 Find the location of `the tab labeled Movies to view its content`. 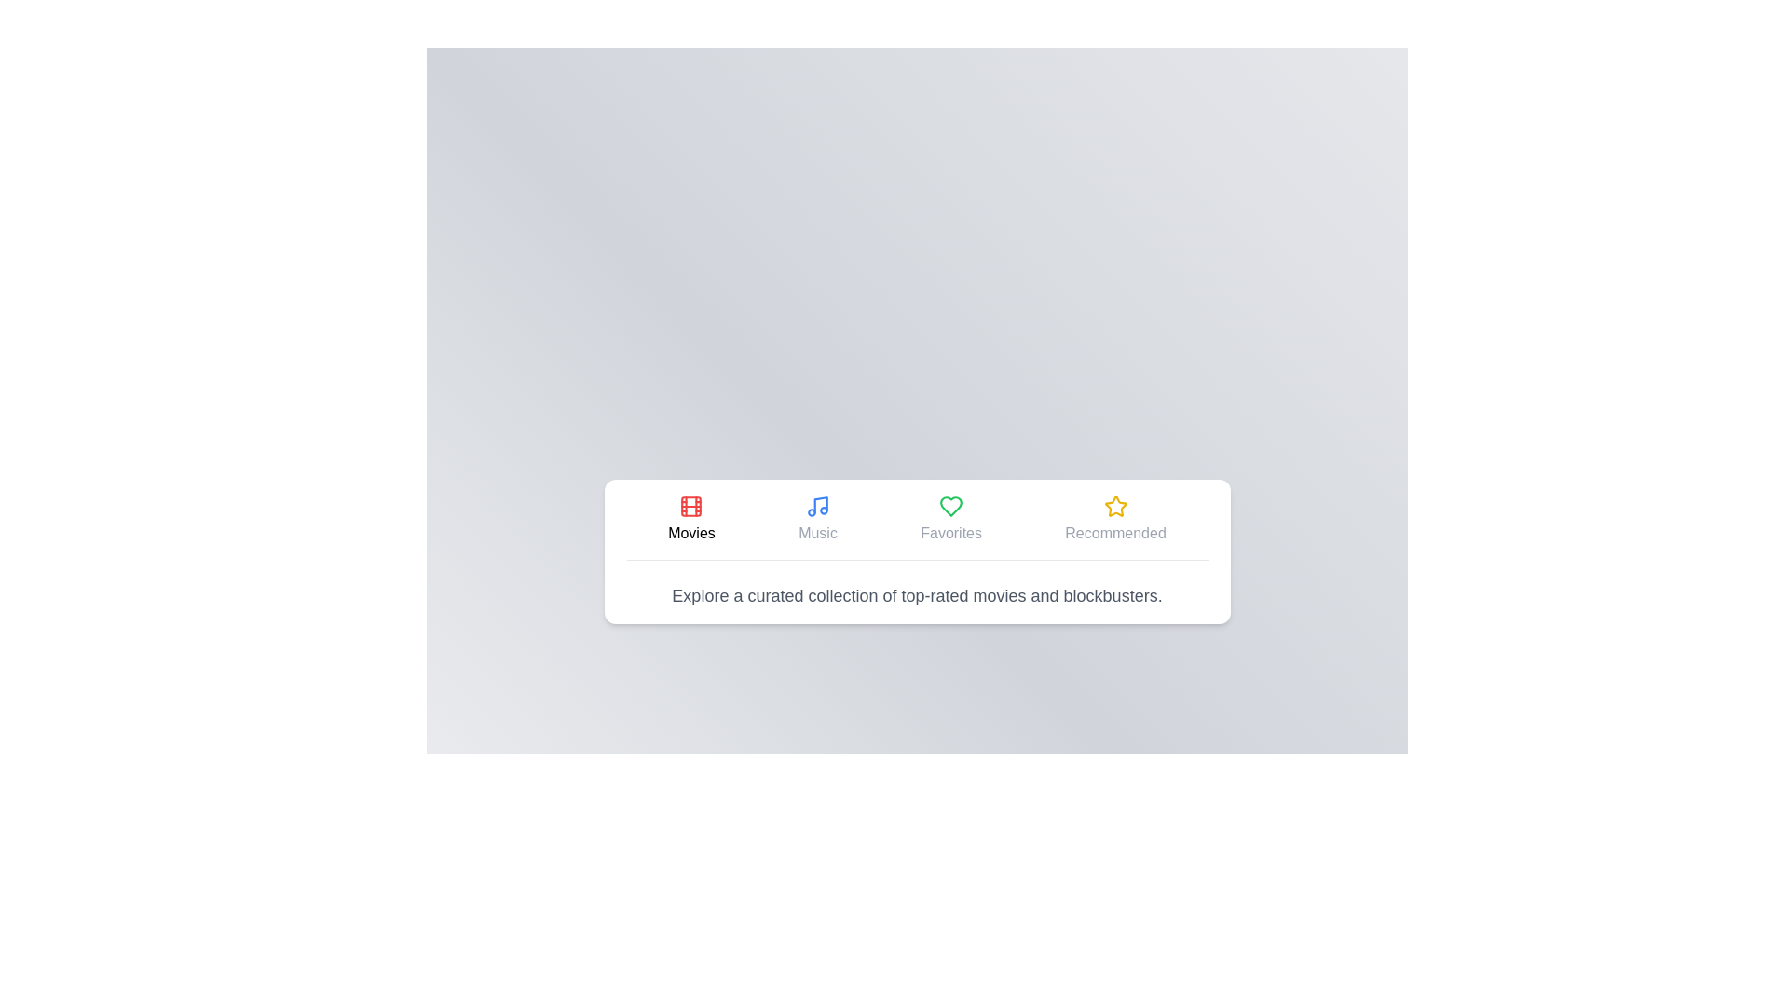

the tab labeled Movies to view its content is located at coordinates (690, 518).